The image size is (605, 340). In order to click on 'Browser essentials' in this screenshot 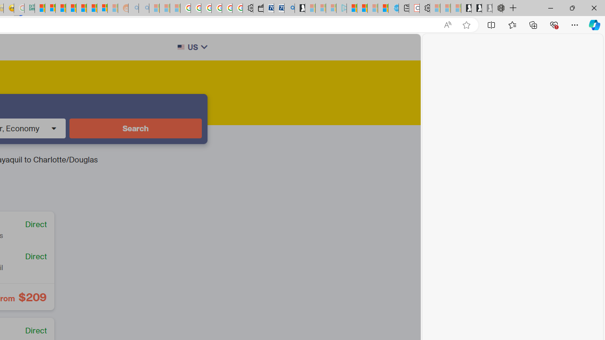, I will do `click(553, 24)`.